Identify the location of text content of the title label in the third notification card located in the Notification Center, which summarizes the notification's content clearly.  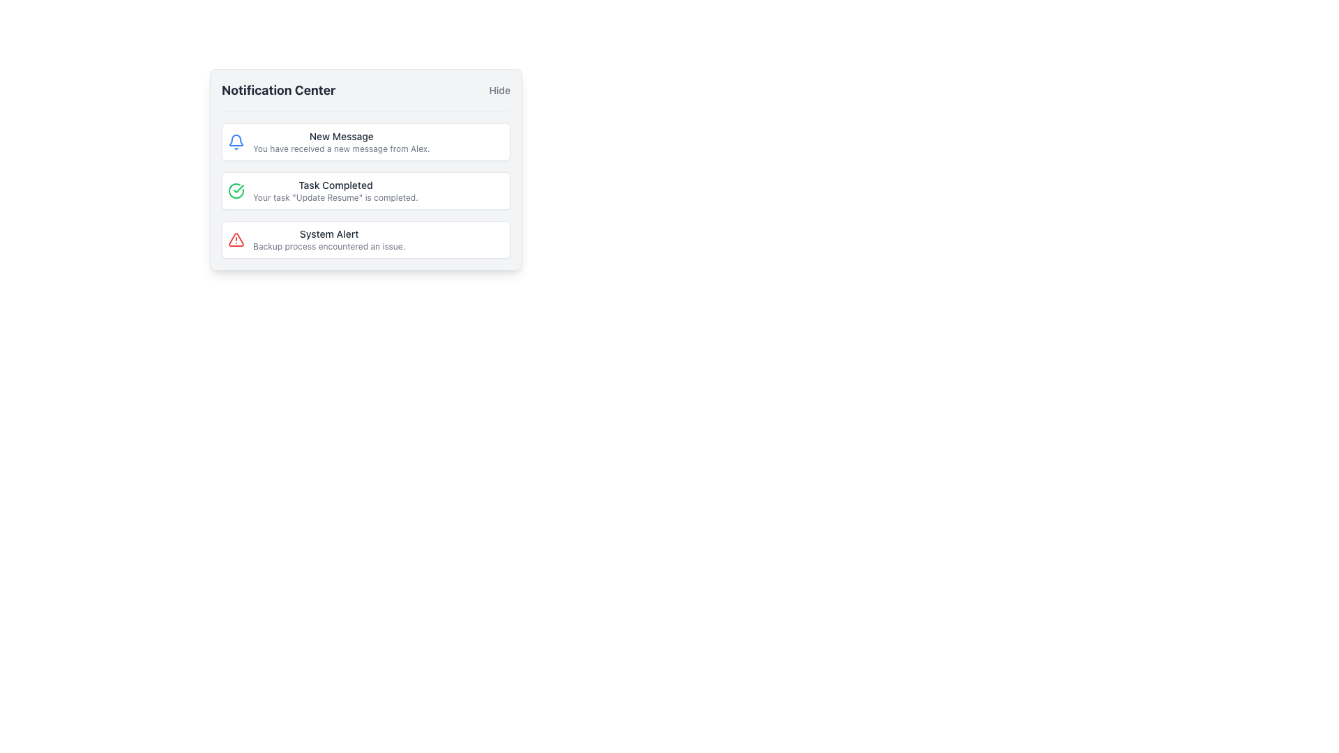
(328, 233).